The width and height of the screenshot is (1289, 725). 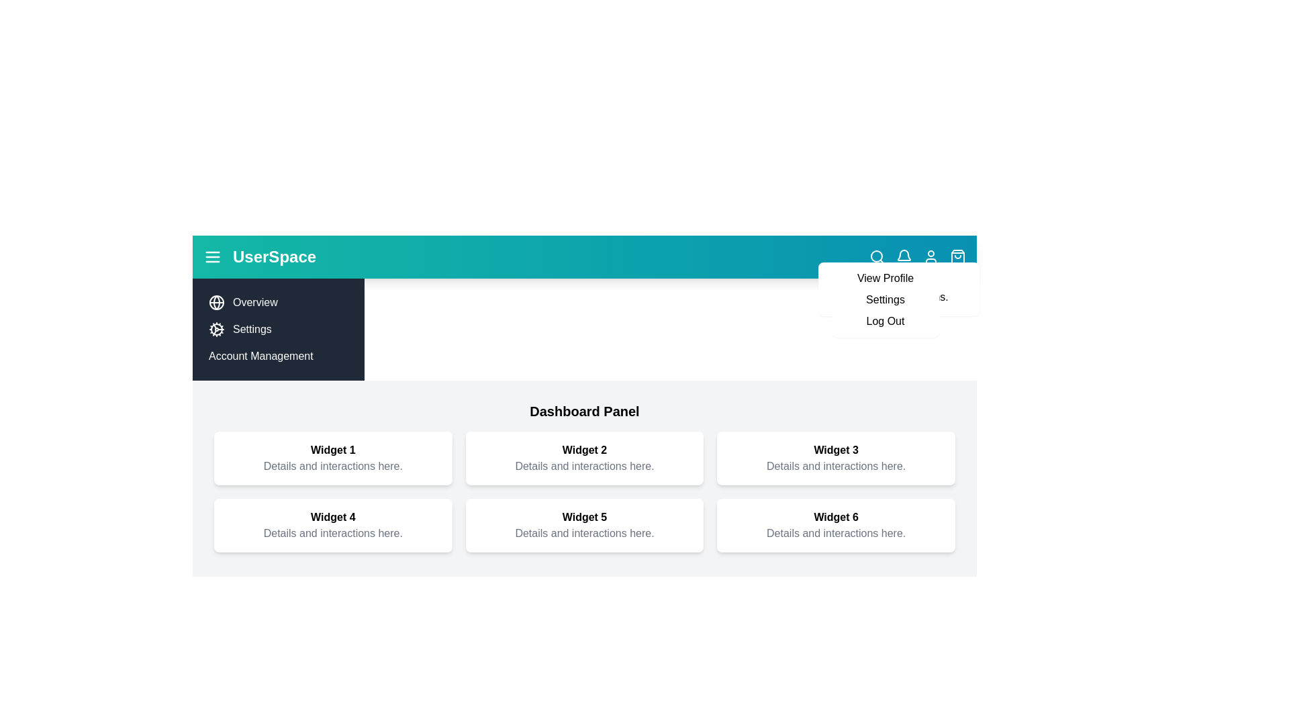 I want to click on the Text button that serves as a clickable option, so click(x=886, y=278).